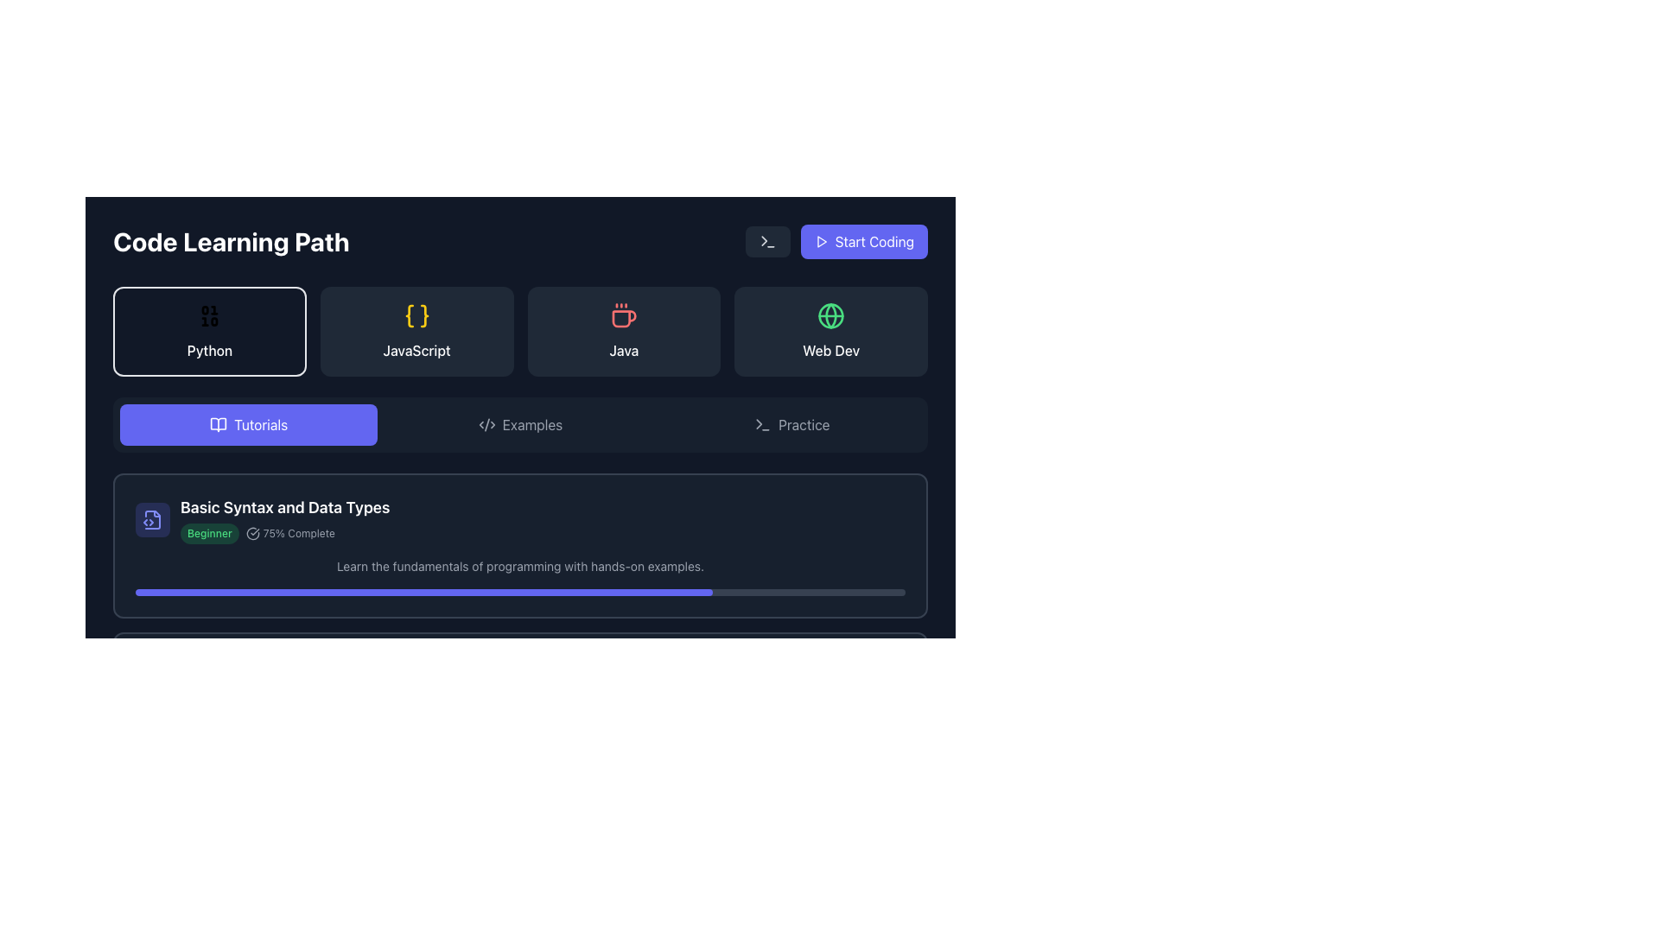 This screenshot has width=1659, height=933. Describe the element at coordinates (831, 316) in the screenshot. I see `the 'Web Dev' category icon, which is part of a horizontal row of icons representing different topics, located towards the right side of the row` at that location.